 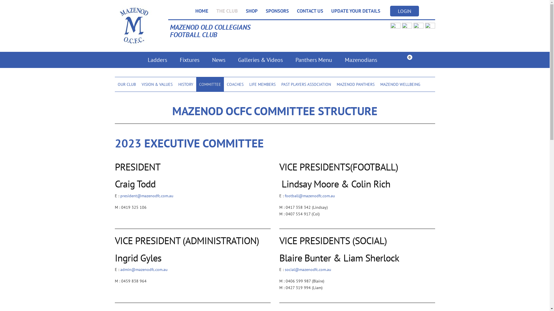 I want to click on 'PAST PLAYERS ASSOCIATION', so click(x=306, y=84).